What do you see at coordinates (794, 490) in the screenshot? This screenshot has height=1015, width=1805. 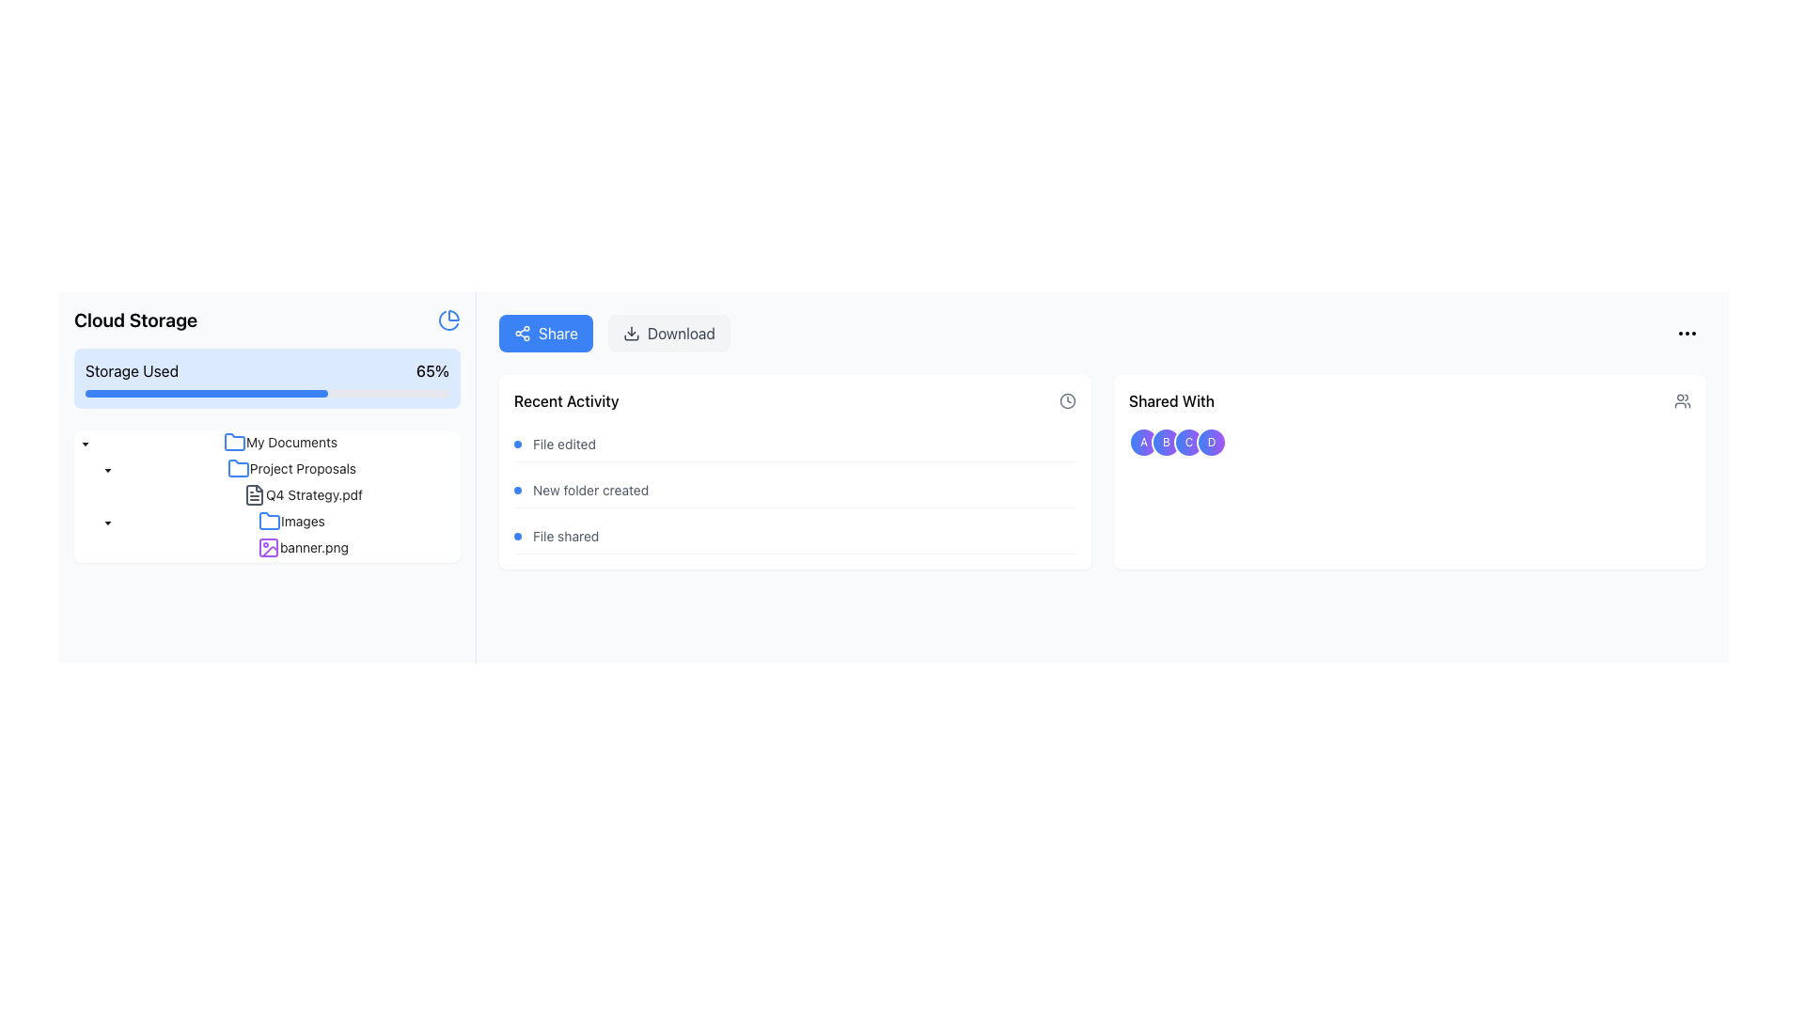 I see `the second entry in the 'Recent Activity' section, which indicates the creation of a new folder, positioned between 'File edited' and 'File shared'` at bounding box center [794, 490].